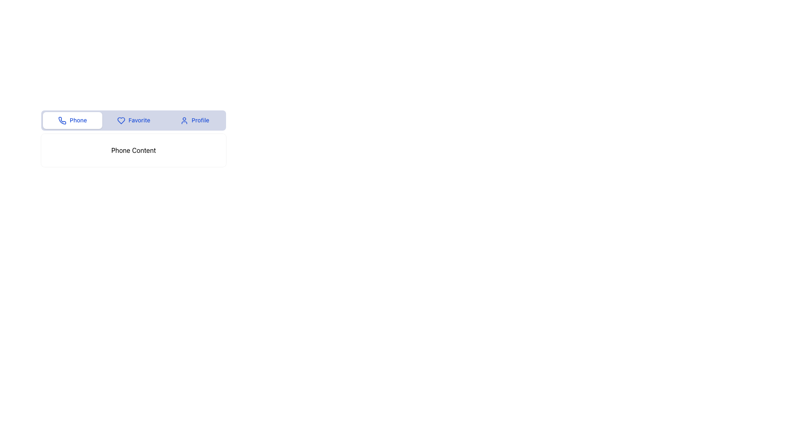 The height and width of the screenshot is (445, 792). Describe the element at coordinates (120, 121) in the screenshot. I see `the heart-shaped icon located in the 'Favorite' section of the navigation bar, positioned between the telephone icon and the profile icon` at that location.